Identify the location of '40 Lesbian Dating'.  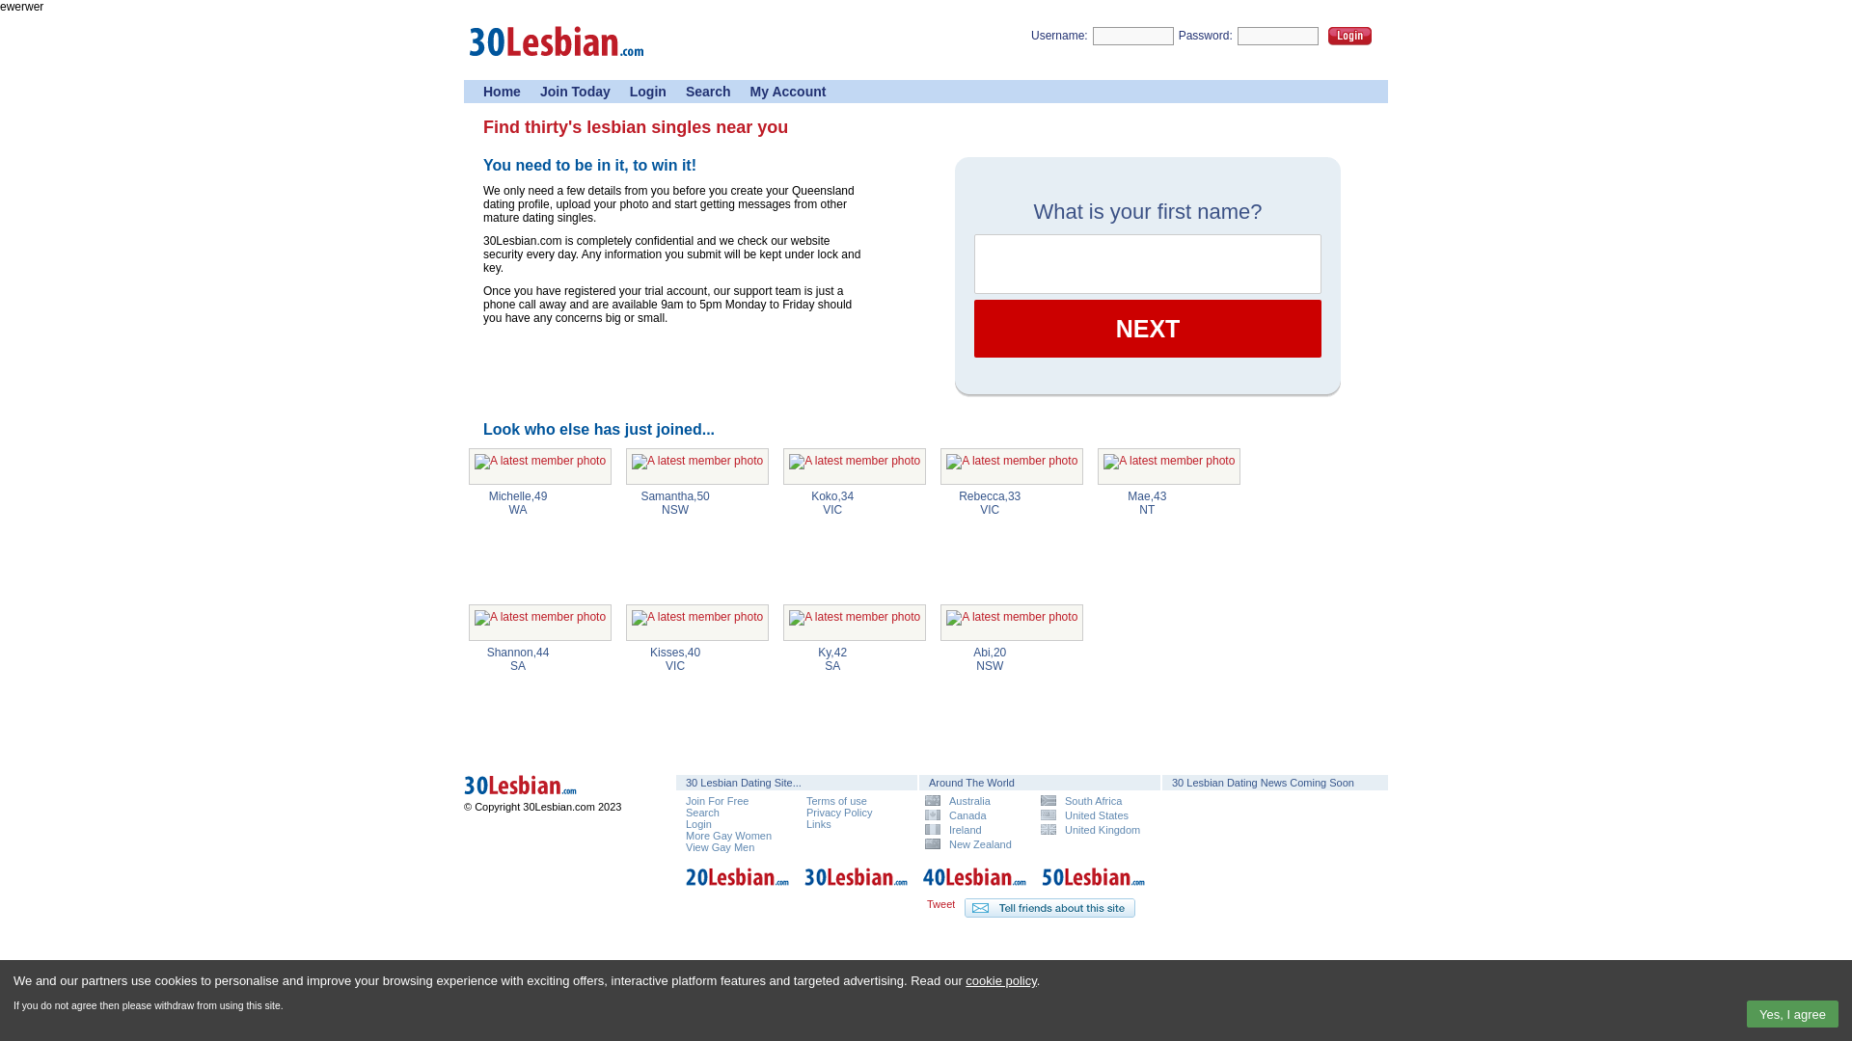
(921, 888).